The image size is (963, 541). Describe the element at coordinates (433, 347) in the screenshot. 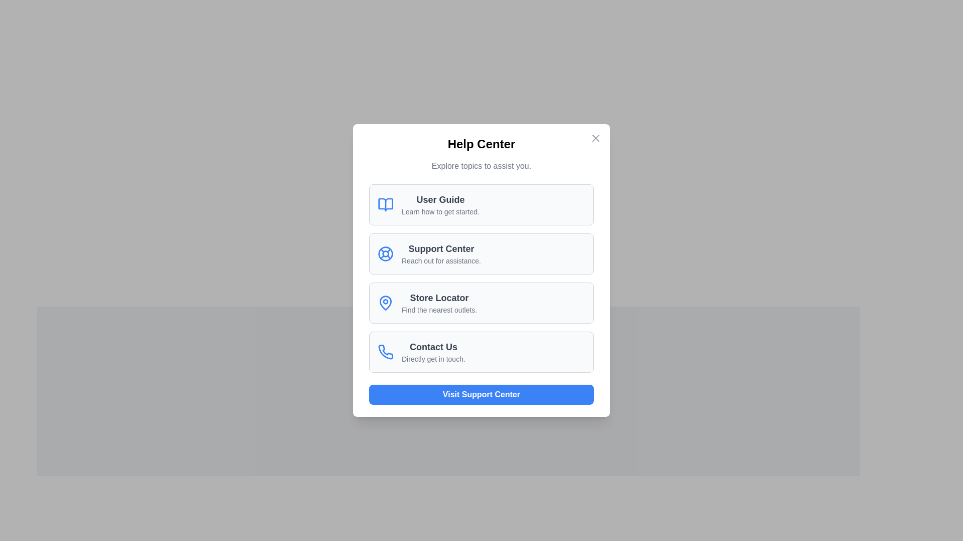

I see `text label that serves as a descriptive title for the contact section, located at the top of the fourth section in a modal dialog box` at that location.